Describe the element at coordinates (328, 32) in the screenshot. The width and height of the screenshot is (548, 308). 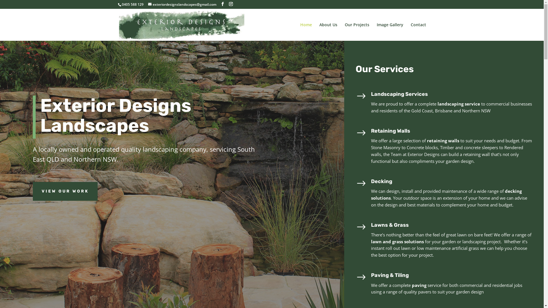
I see `'About Us'` at that location.